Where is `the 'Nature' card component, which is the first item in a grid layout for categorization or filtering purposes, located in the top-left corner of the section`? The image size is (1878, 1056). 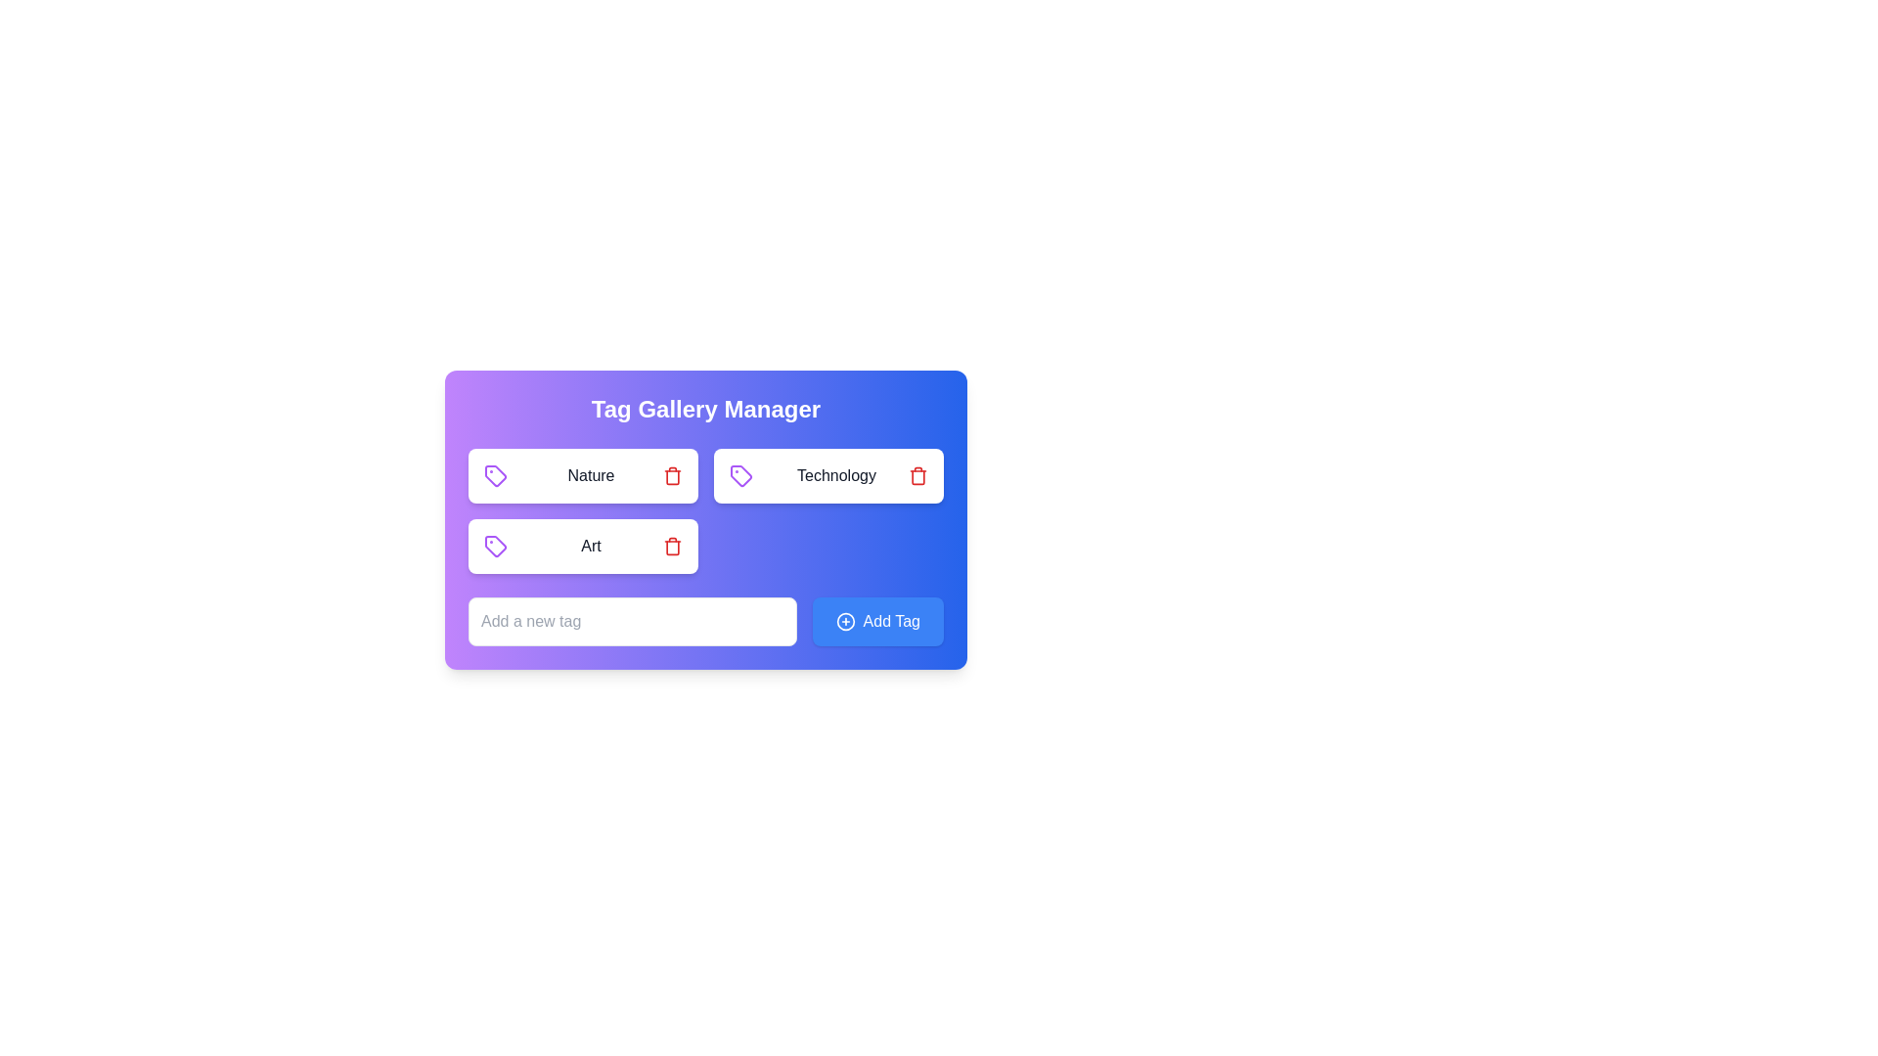 the 'Nature' card component, which is the first item in a grid layout for categorization or filtering purposes, located in the top-left corner of the section is located at coordinates (582, 475).